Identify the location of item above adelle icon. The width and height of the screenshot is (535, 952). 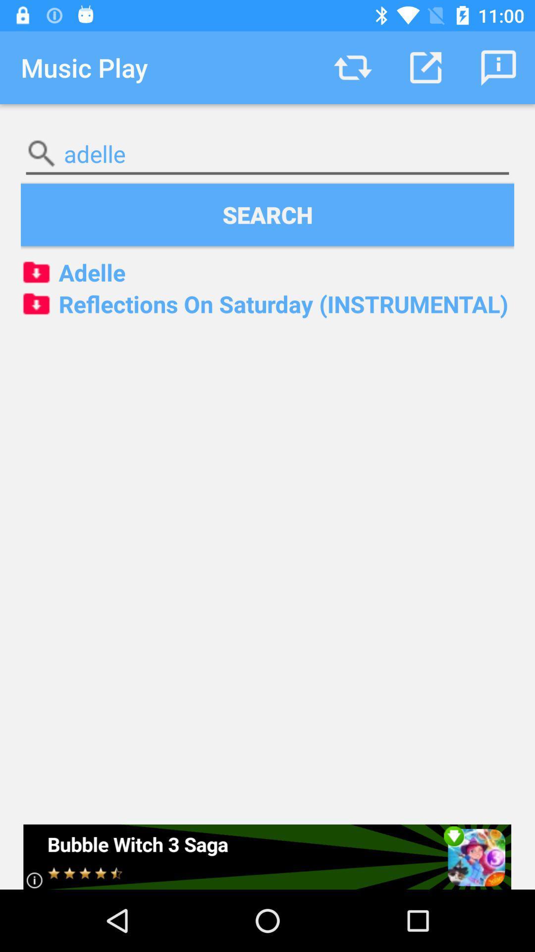
(267, 214).